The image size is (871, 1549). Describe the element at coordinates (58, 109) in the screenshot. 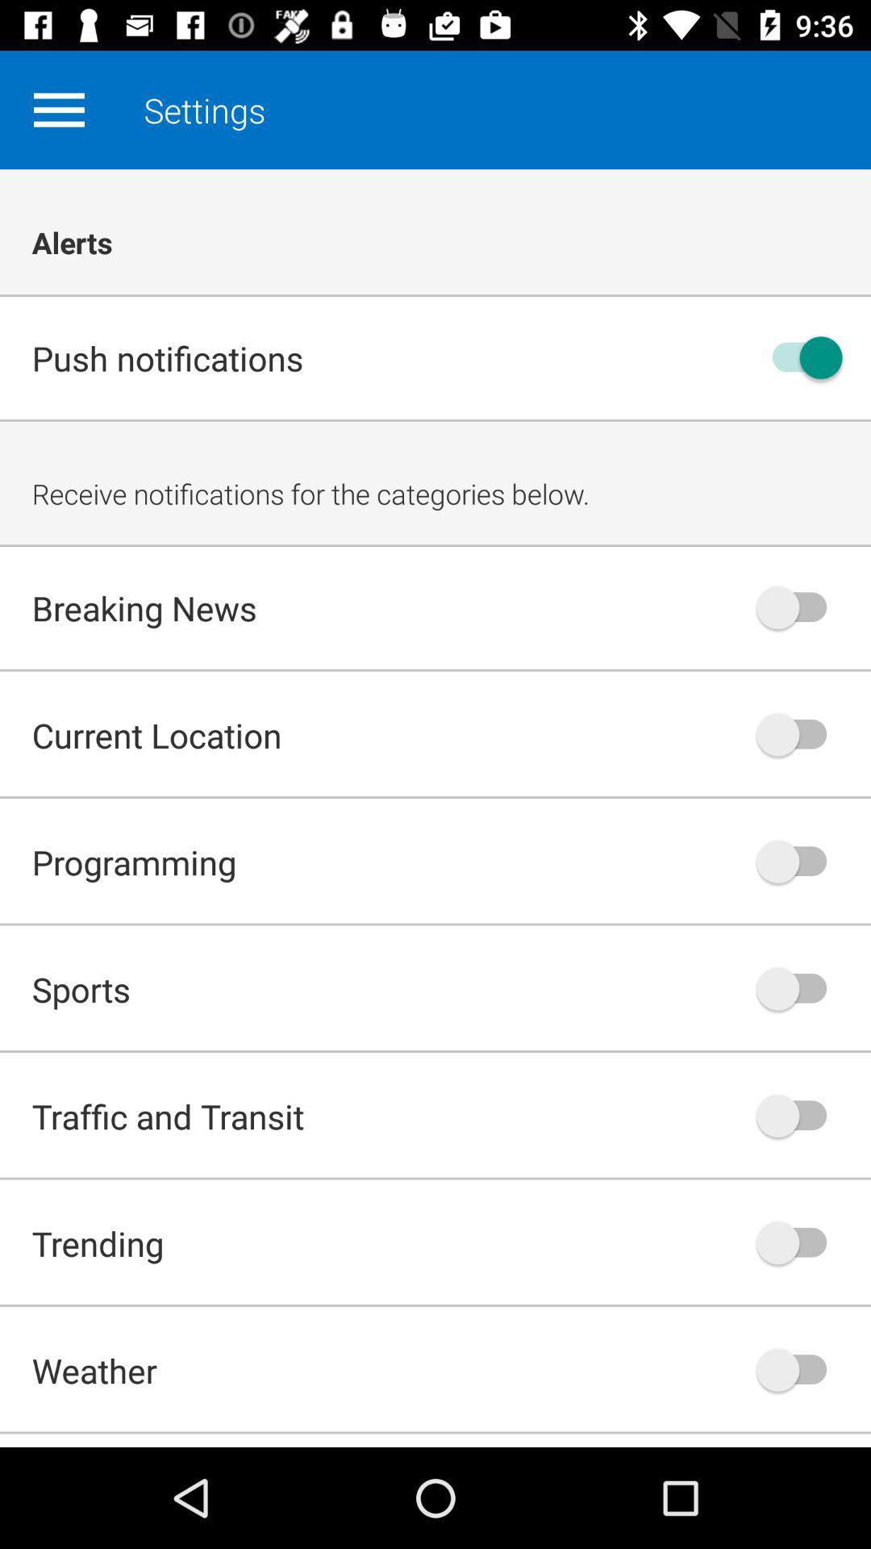

I see `brings up options` at that location.